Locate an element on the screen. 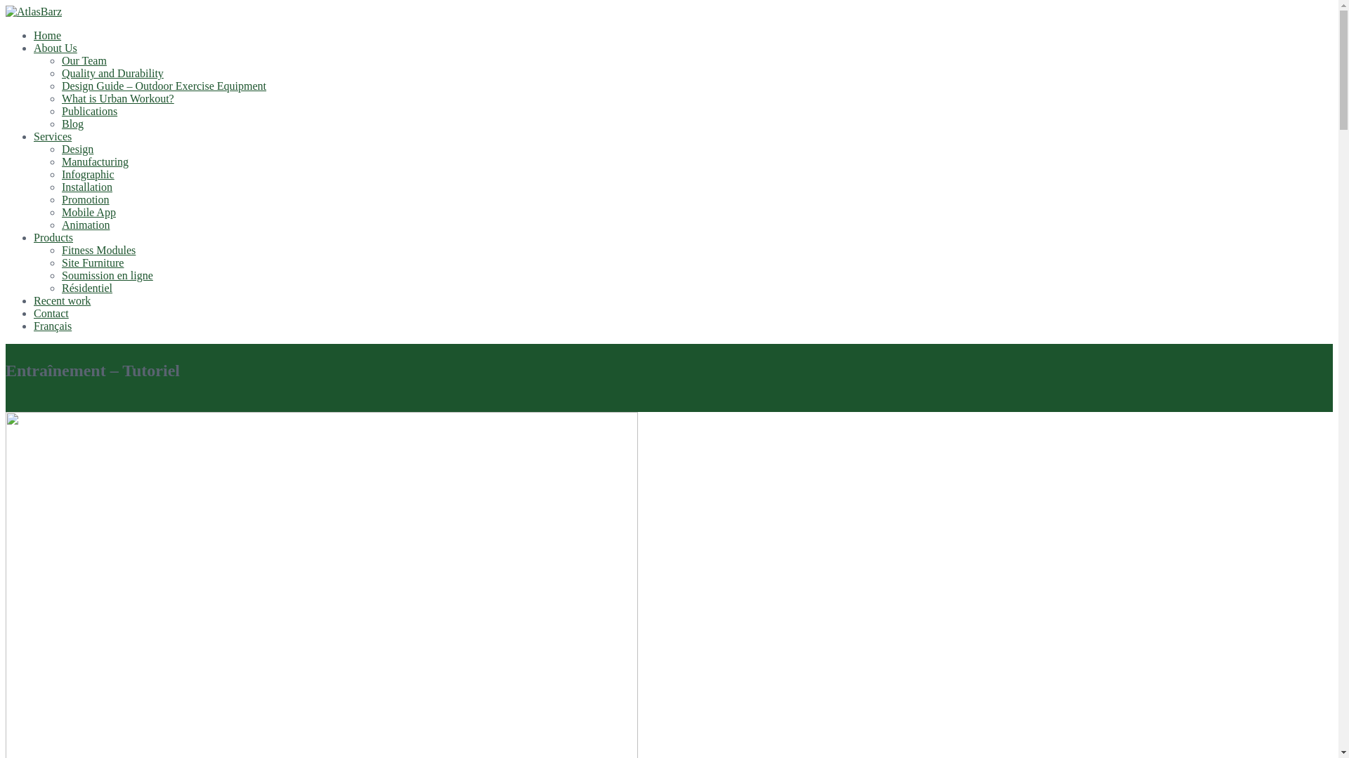 This screenshot has height=758, width=1349. 'Mobile App' is located at coordinates (60, 212).